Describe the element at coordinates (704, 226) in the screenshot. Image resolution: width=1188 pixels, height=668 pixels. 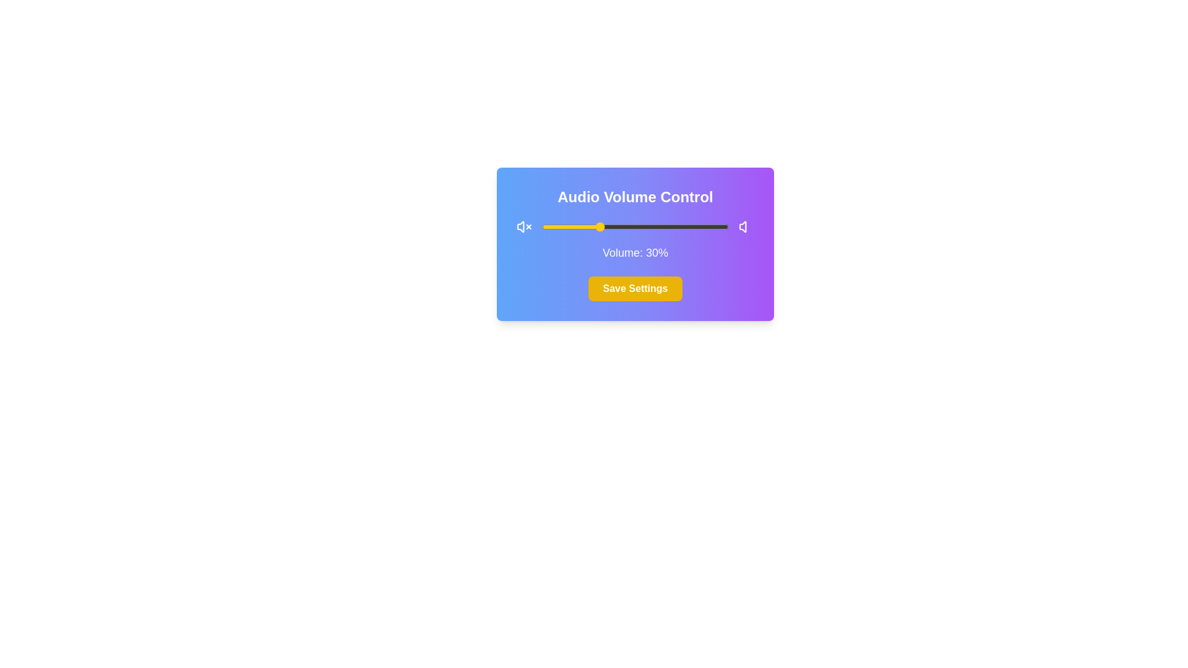
I see `the volume slider to 87 percent` at that location.